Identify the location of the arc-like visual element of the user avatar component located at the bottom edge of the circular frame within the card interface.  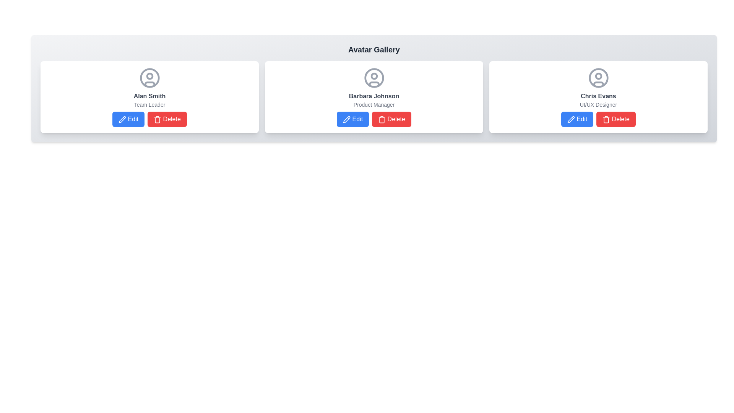
(149, 84).